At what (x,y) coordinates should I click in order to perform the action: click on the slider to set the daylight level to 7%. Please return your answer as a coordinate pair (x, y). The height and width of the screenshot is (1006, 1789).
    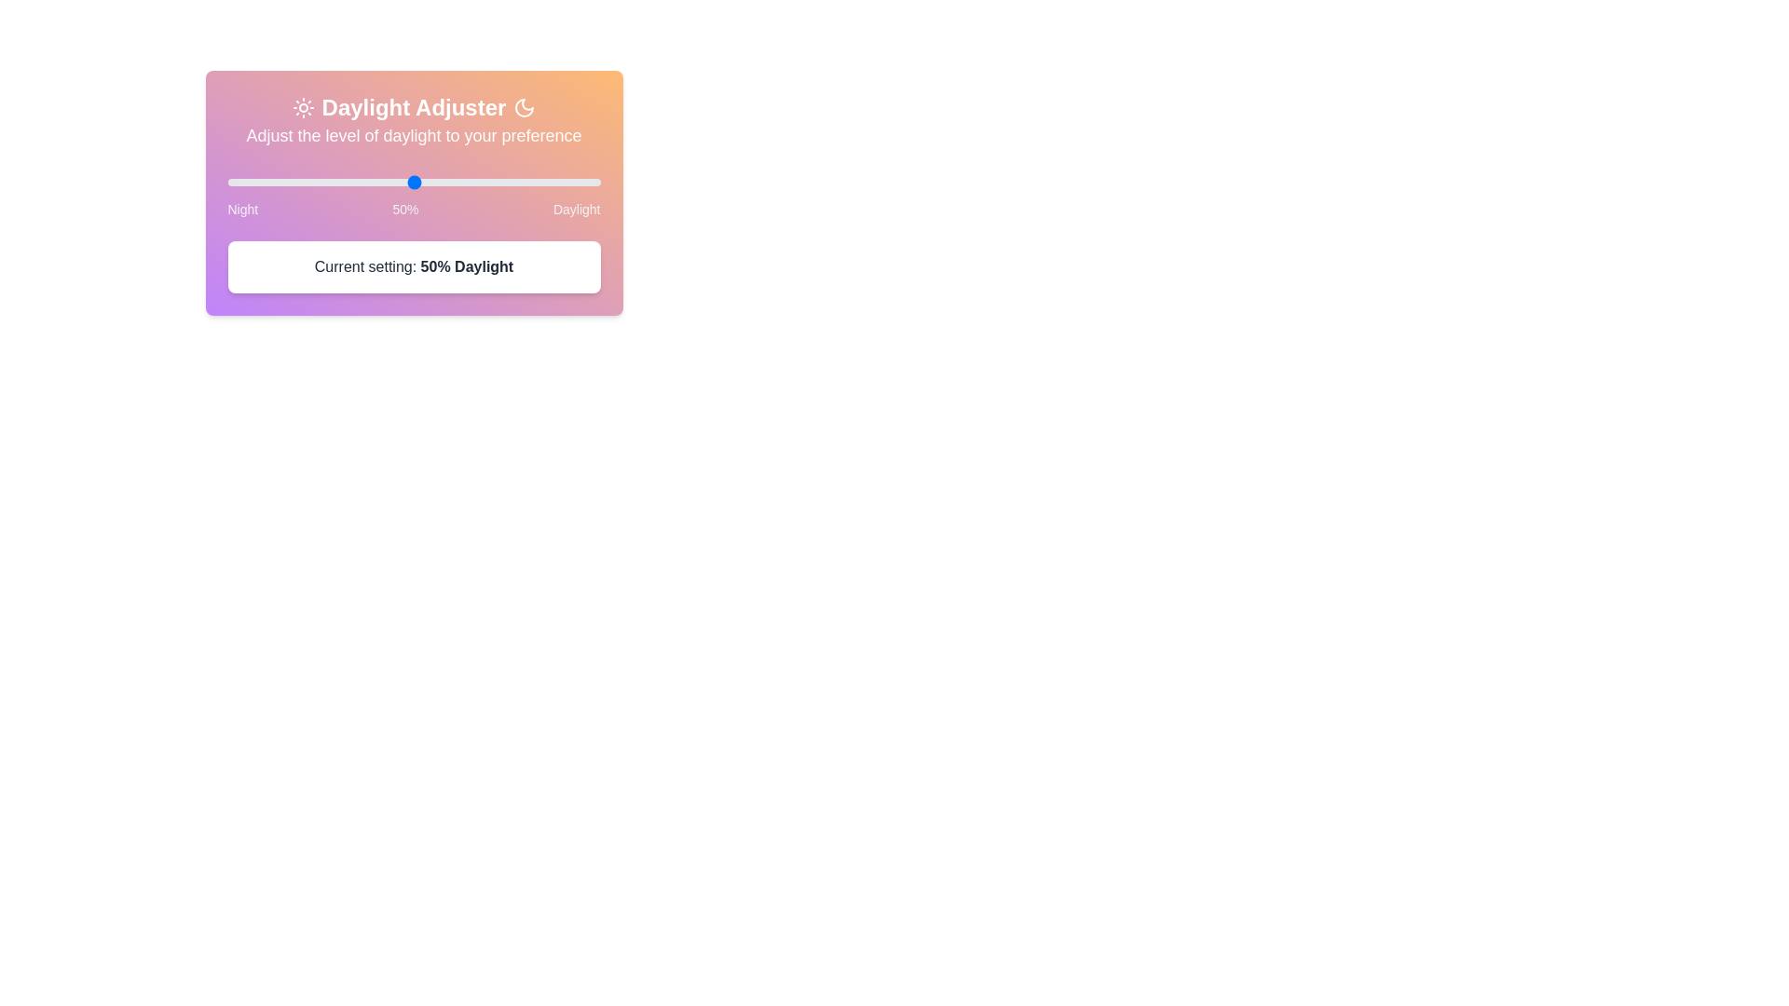
    Looking at the image, I should click on (226, 183).